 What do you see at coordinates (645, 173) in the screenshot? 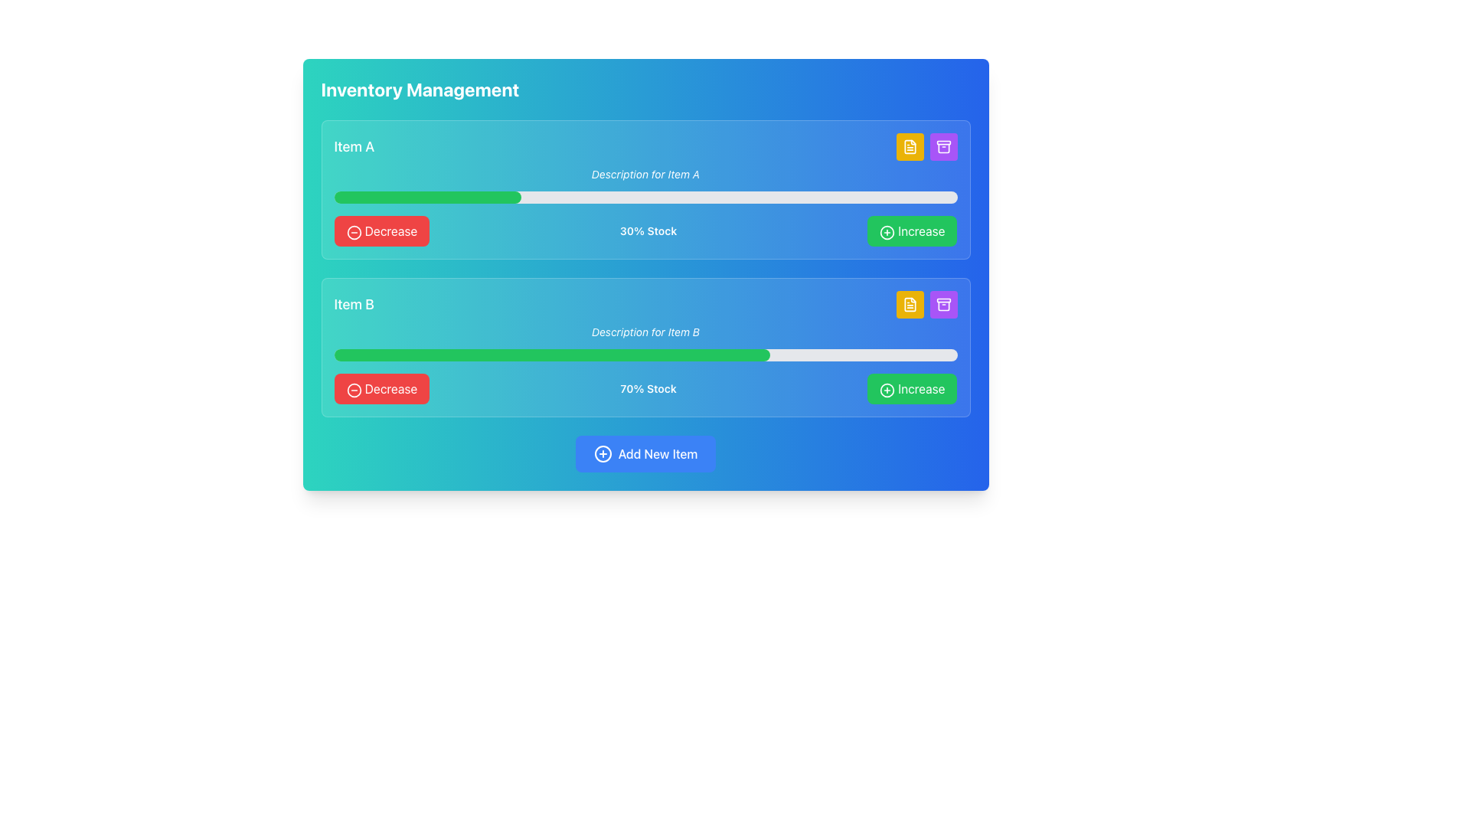
I see `italicized text label that displays 'Description for Item A', which is positioned below the heading 'Item A'` at bounding box center [645, 173].